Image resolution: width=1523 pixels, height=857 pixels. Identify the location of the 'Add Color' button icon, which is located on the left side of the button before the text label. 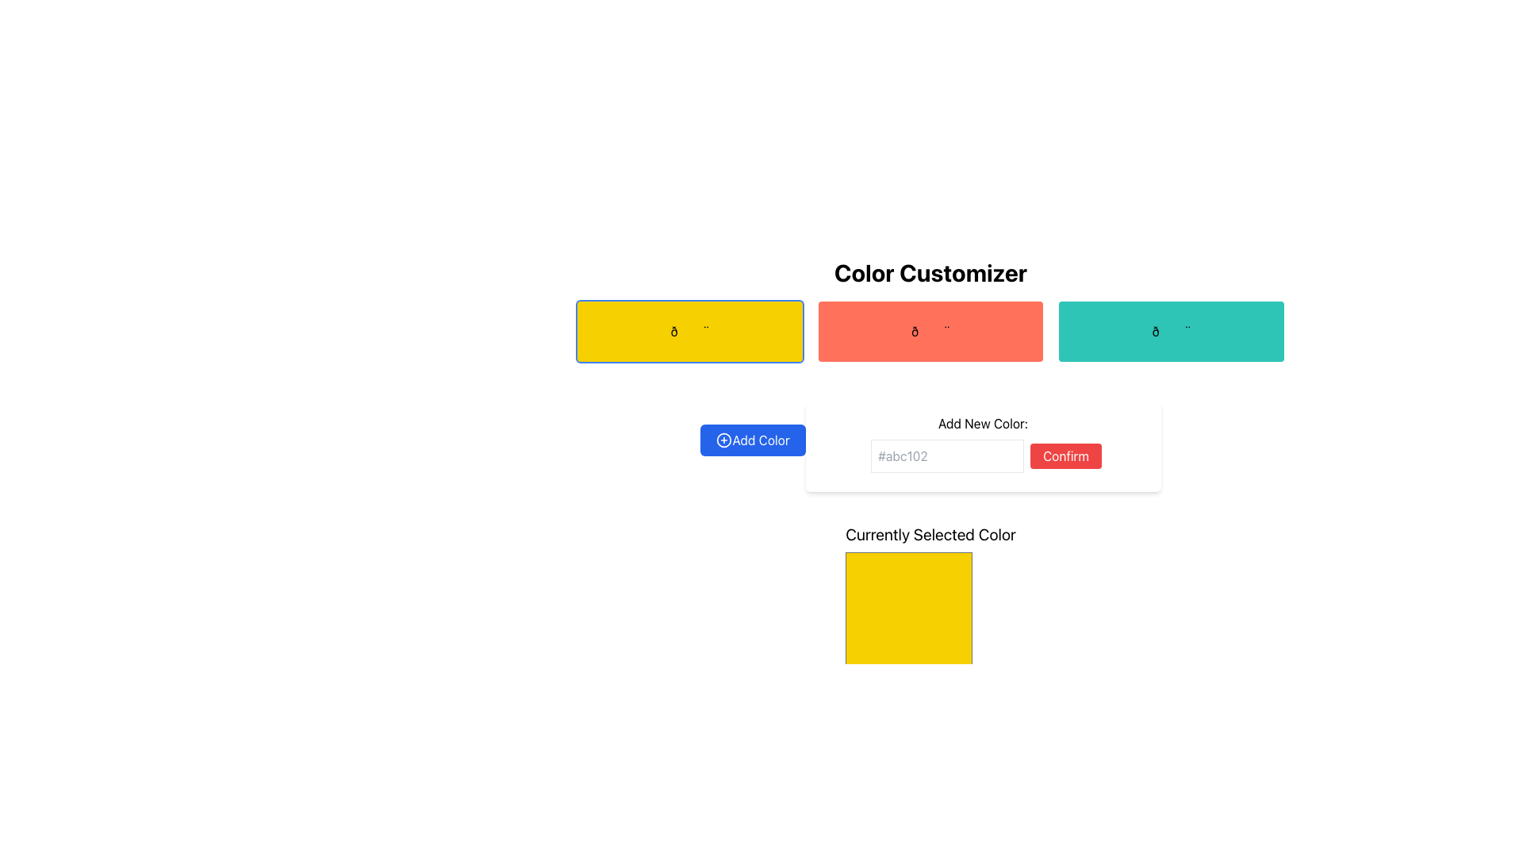
(723, 440).